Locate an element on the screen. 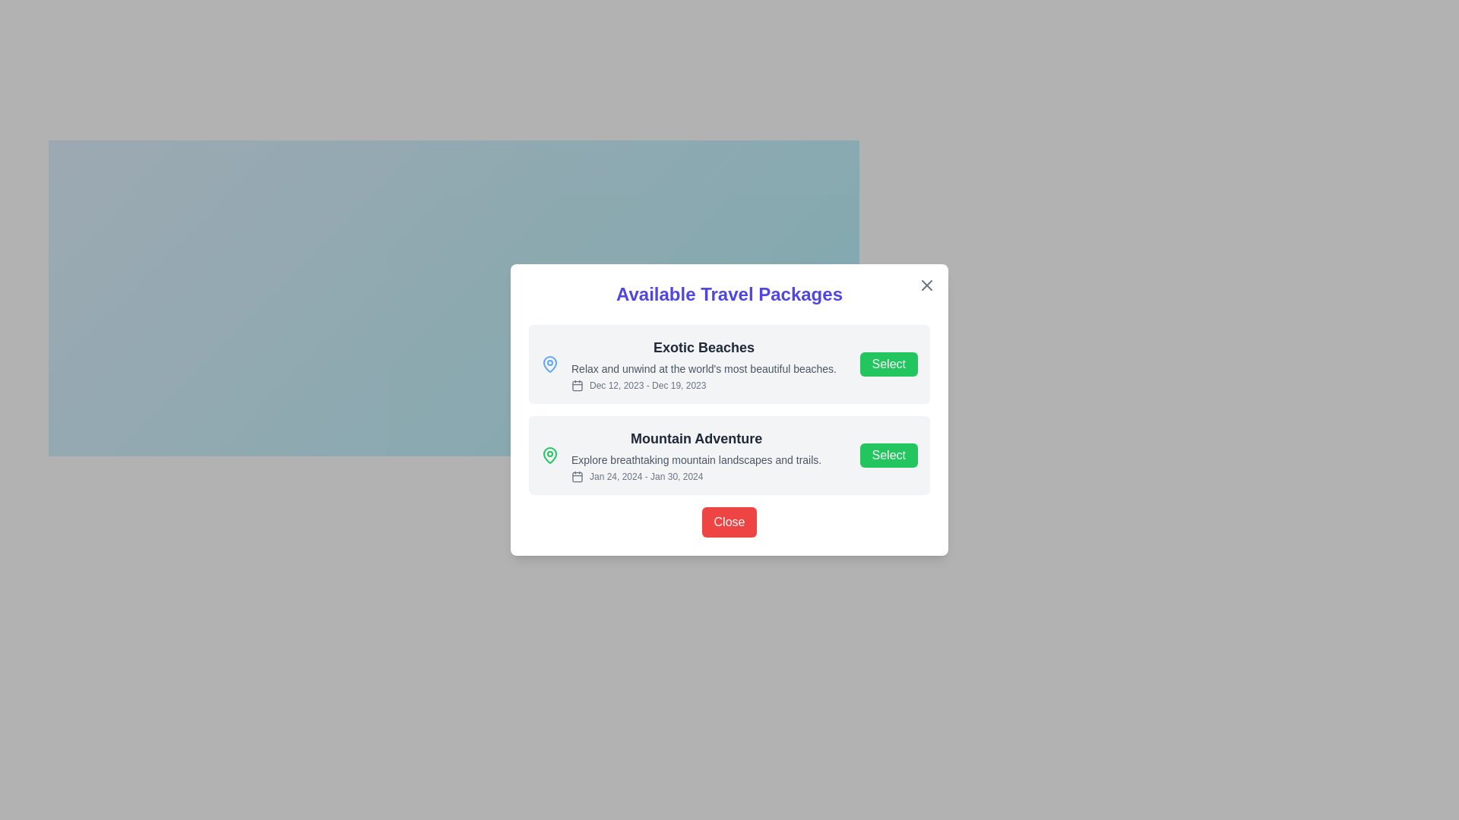  the icon located at the top-left corner of the 'Exotic Beaches' card to see more information about the destinations is located at coordinates (549, 364).